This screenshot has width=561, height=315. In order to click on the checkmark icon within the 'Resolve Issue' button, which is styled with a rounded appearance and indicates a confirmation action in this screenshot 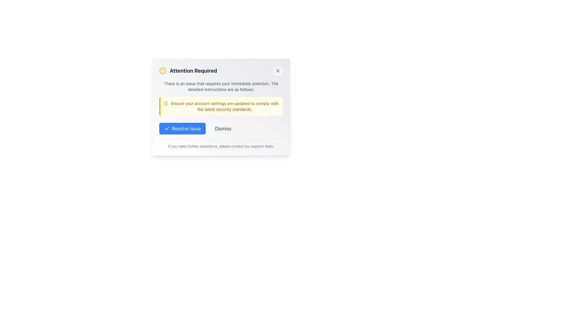, I will do `click(167, 128)`.